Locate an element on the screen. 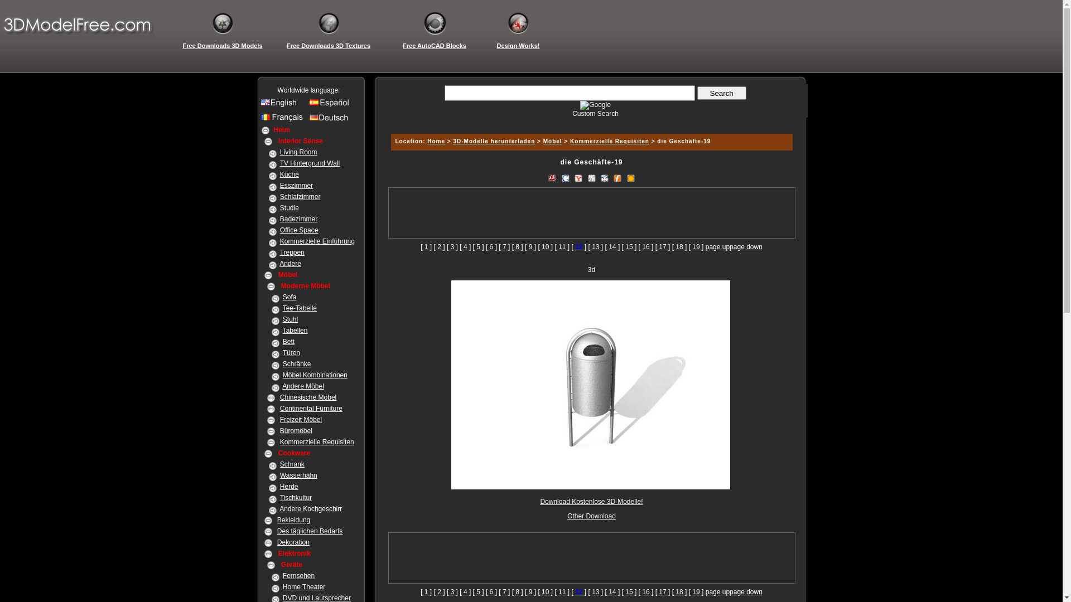 This screenshot has width=1071, height=602. '[ 17 ]' is located at coordinates (663, 246).